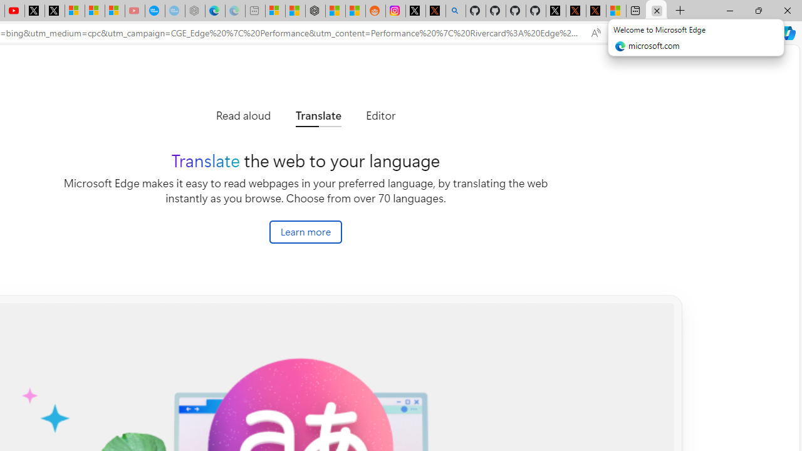  What do you see at coordinates (154, 11) in the screenshot?
I see `'Opinion: Op-Ed and Commentary - USA TODAY'` at bounding box center [154, 11].